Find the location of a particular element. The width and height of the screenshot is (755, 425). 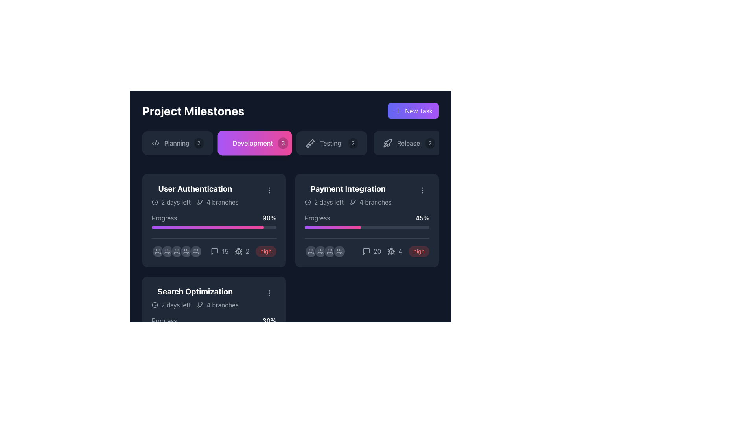

the Member indicator group that represents users associated with the 'Payment Integration' task, located near the bottom of the section beneath the progress bar is located at coordinates (325, 251).